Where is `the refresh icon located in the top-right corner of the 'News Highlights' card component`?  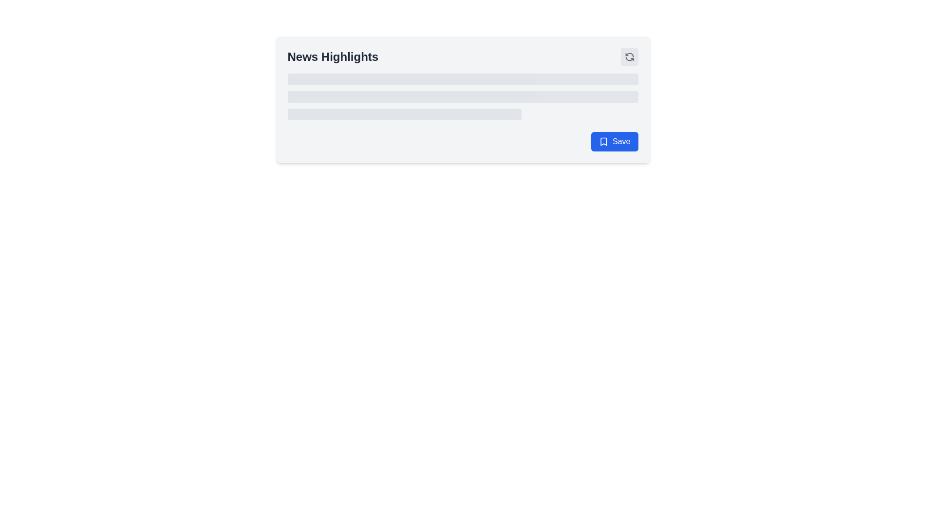 the refresh icon located in the top-right corner of the 'News Highlights' card component is located at coordinates (629, 55).